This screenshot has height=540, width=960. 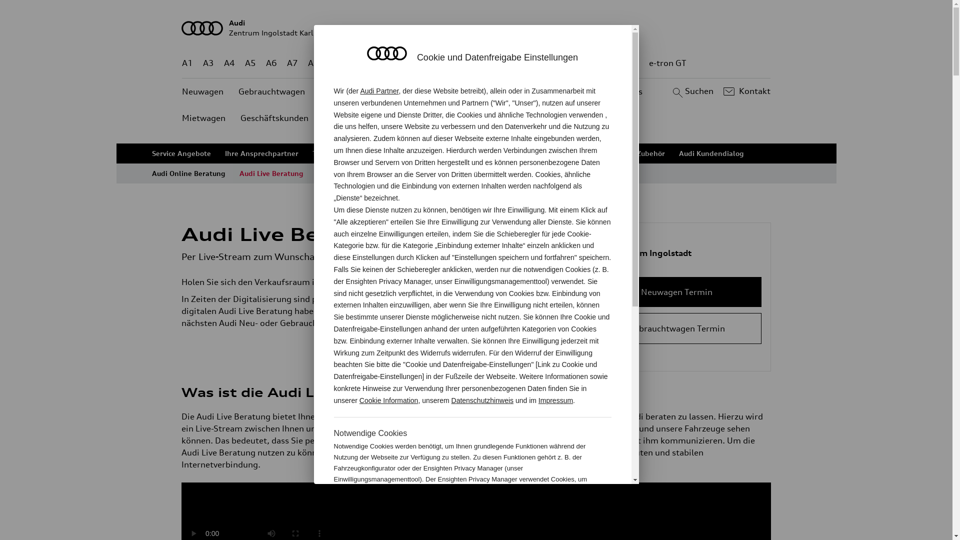 What do you see at coordinates (503, 63) in the screenshot?
I see `'Q8 e-tron'` at bounding box center [503, 63].